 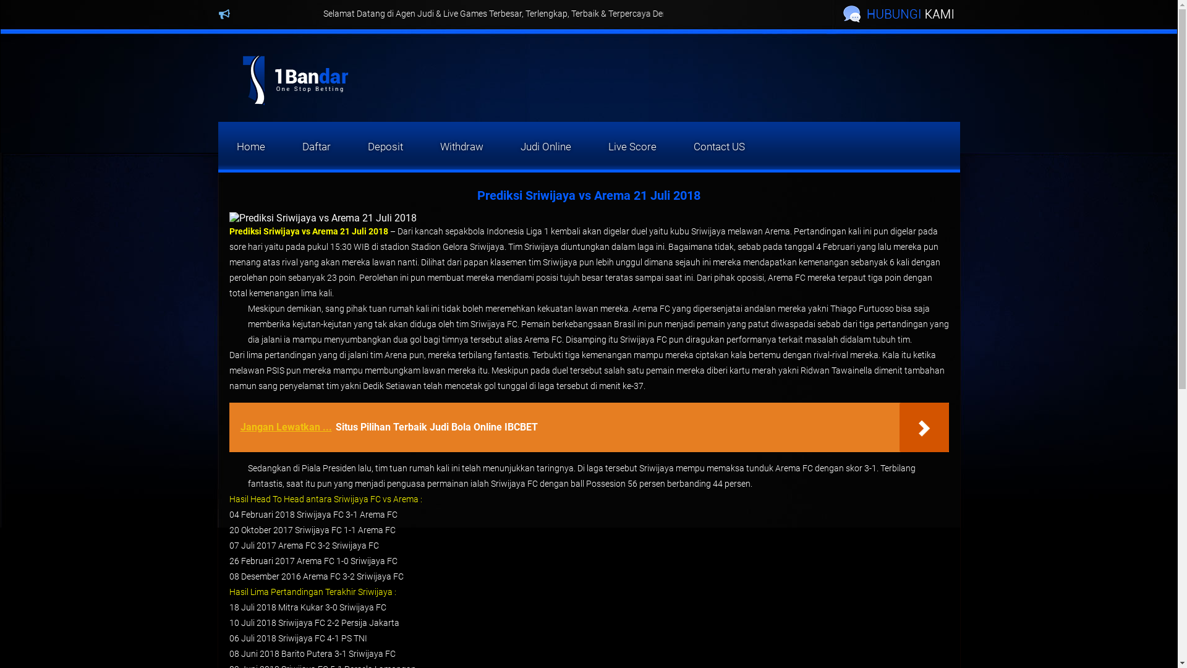 I want to click on 'Deposit', so click(x=384, y=145).